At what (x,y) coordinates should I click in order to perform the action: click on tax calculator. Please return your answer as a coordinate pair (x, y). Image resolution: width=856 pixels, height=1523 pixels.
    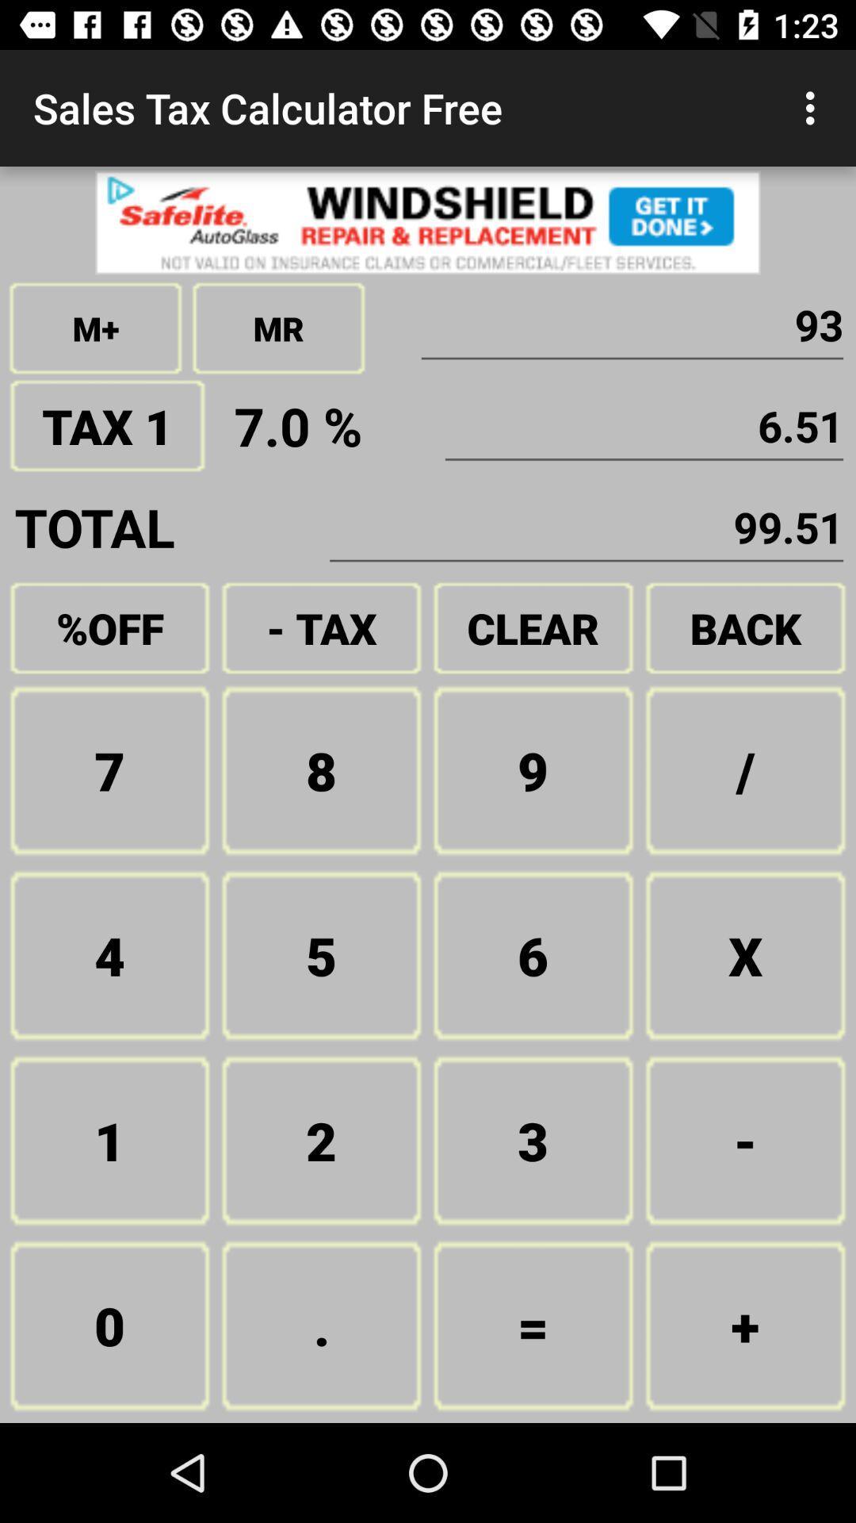
    Looking at the image, I should click on (428, 221).